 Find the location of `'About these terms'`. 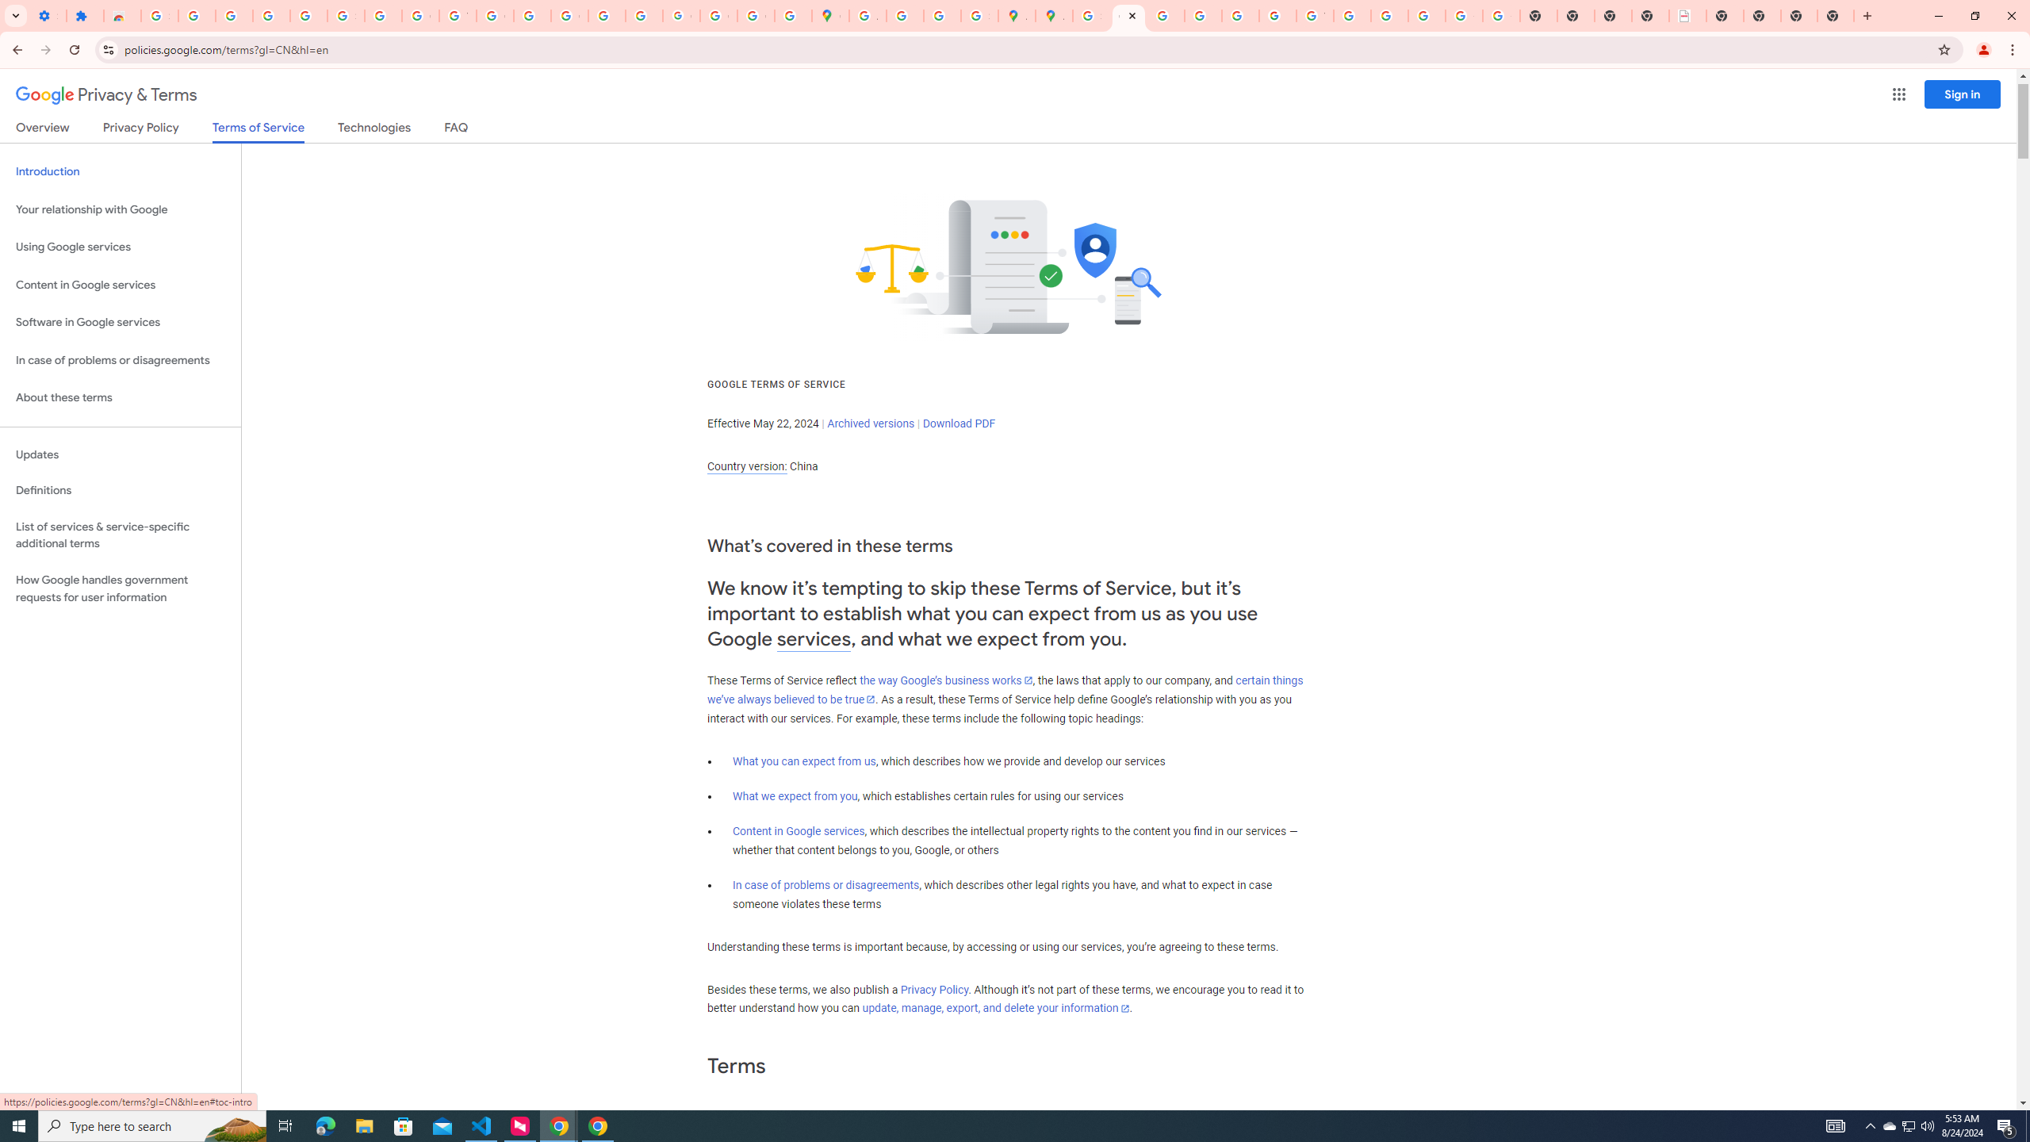

'About these terms' is located at coordinates (120, 397).